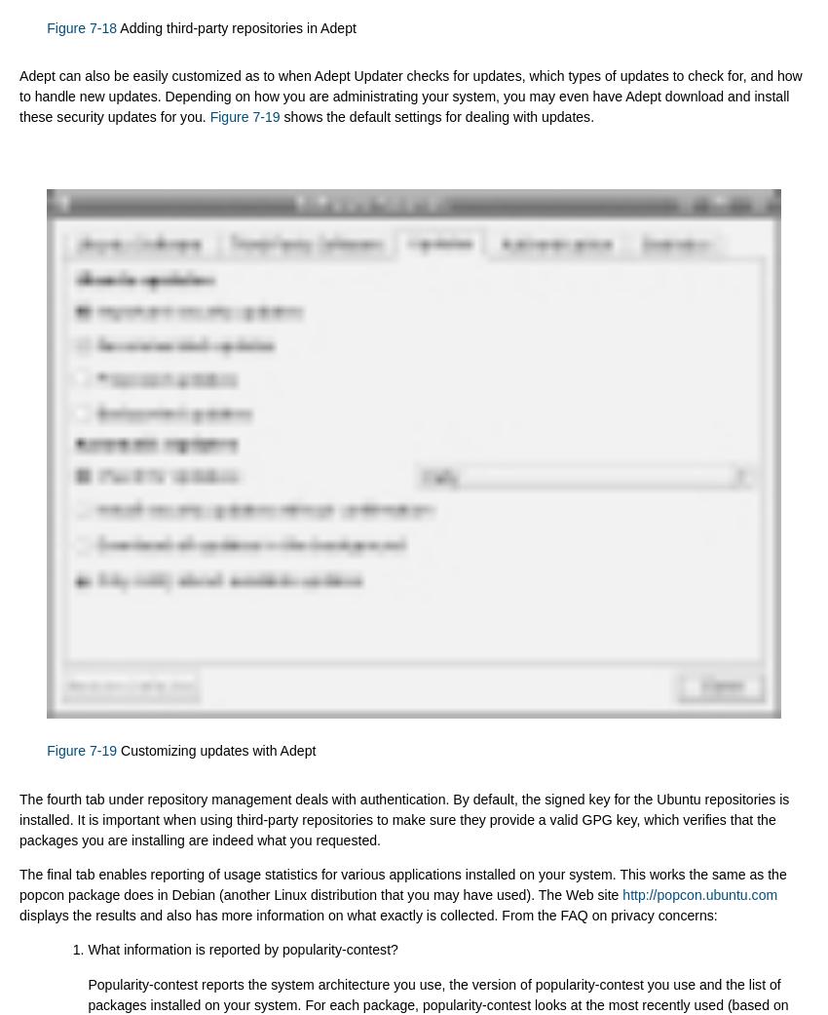  Describe the element at coordinates (81, 26) in the screenshot. I see `'Figure 7-18'` at that location.